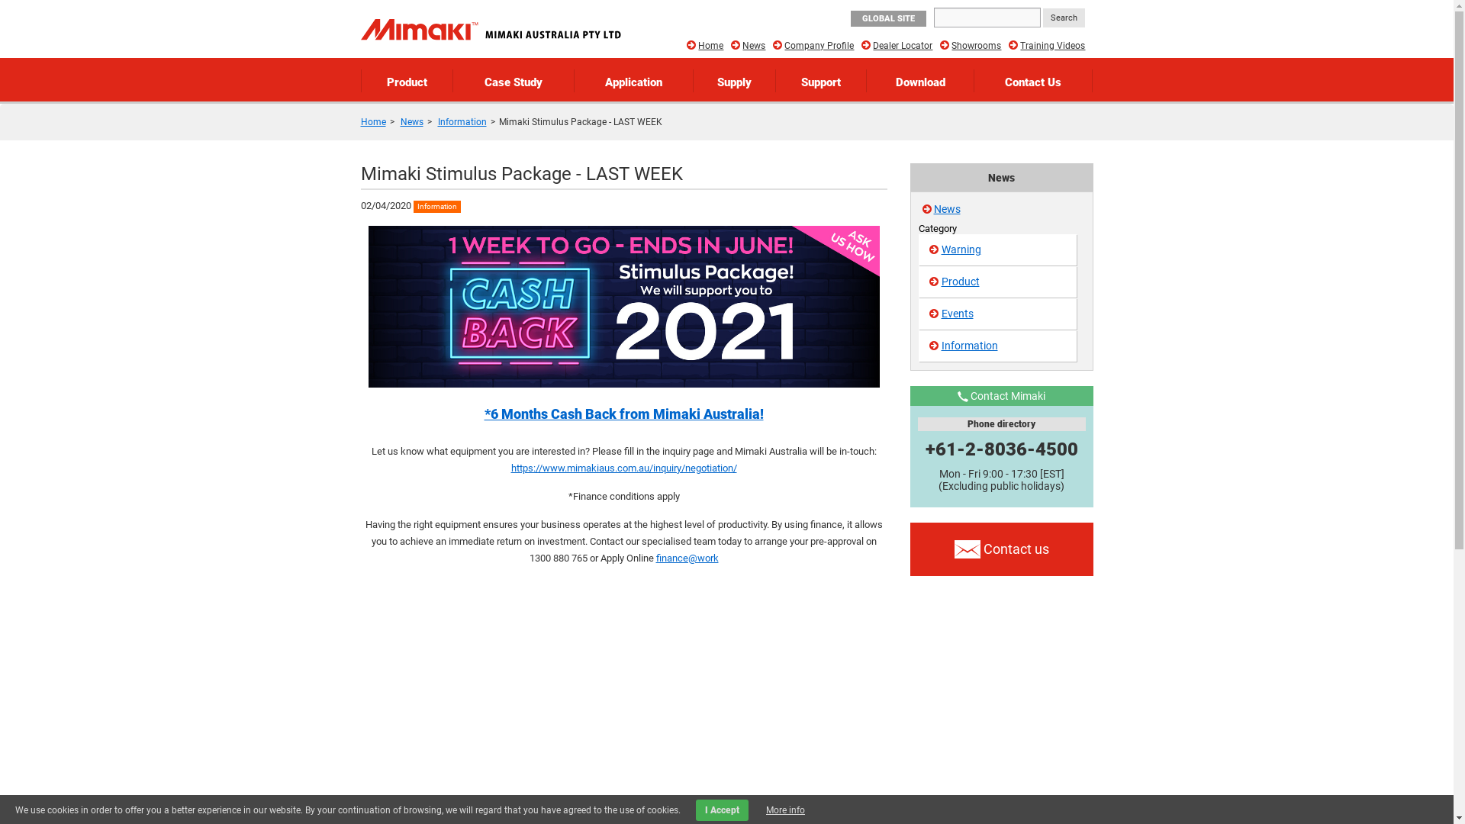 This screenshot has height=824, width=1465. I want to click on 'Home', so click(710, 45).